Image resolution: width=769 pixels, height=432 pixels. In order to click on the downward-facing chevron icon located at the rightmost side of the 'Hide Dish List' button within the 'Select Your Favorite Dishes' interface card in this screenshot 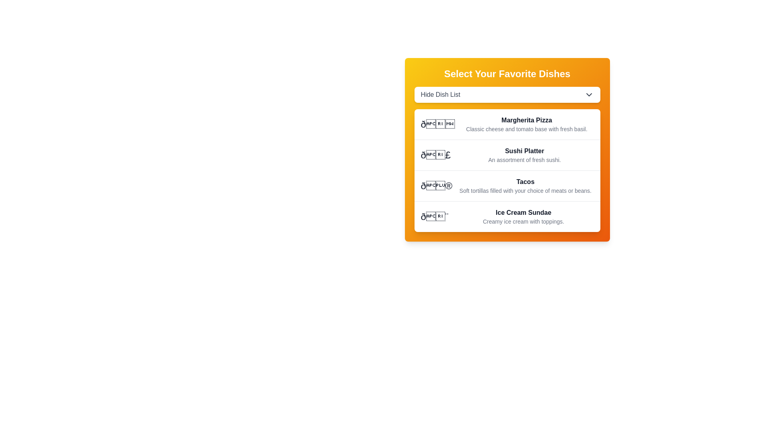, I will do `click(589, 94)`.